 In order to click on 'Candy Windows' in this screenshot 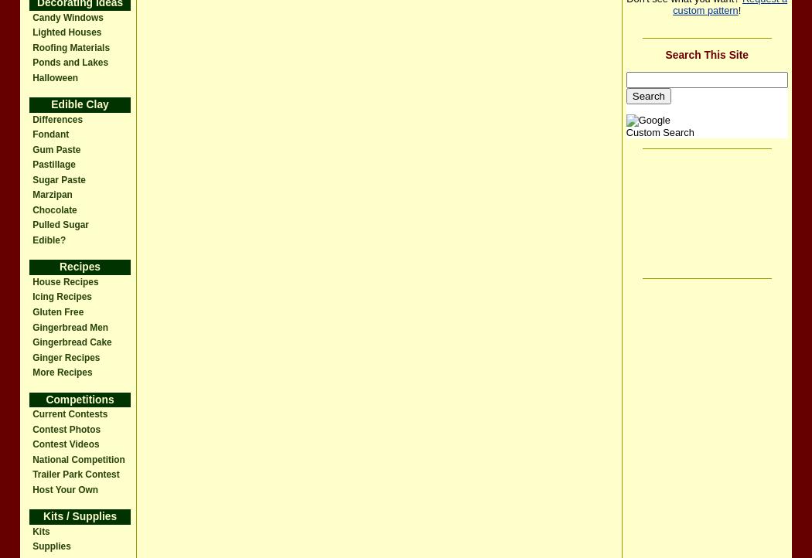, I will do `click(67, 17)`.